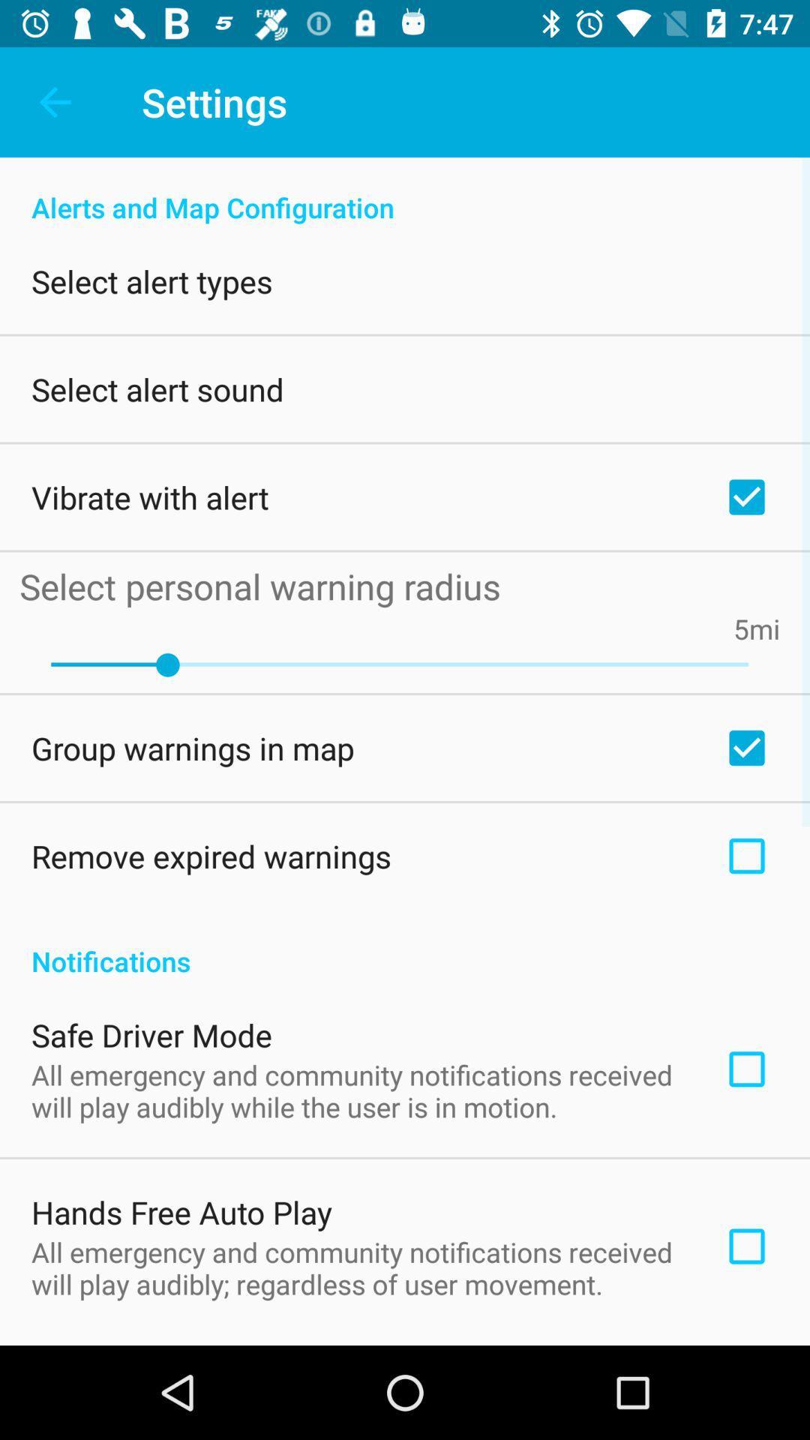 The width and height of the screenshot is (810, 1440). What do you see at coordinates (54, 101) in the screenshot?
I see `item above alerts and map item` at bounding box center [54, 101].